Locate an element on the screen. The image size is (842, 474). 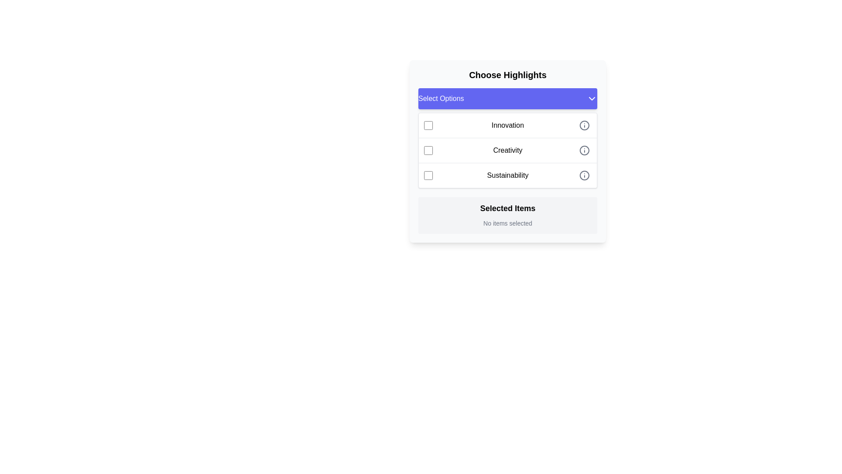
text label within the interactive dropdown that indicates selectable options, located in the upper region of the dropdown interface is located at coordinates (441, 98).